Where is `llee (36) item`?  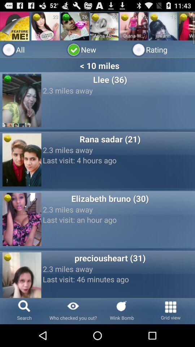 llee (36) item is located at coordinates (109, 79).